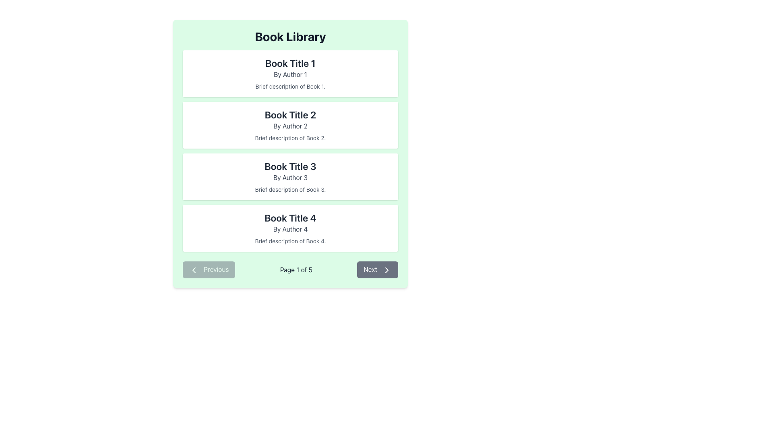 This screenshot has height=435, width=773. I want to click on the 'Previous' button, which is styled with a gray background and has a left-pointing chevron icon, located at the bottom left corner of the navigation section, so click(209, 269).